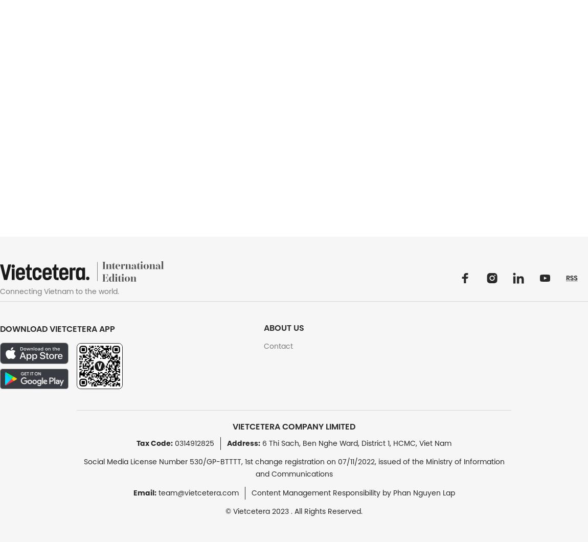 This screenshot has height=542, width=588. Describe the element at coordinates (284, 328) in the screenshot. I see `'About us'` at that location.